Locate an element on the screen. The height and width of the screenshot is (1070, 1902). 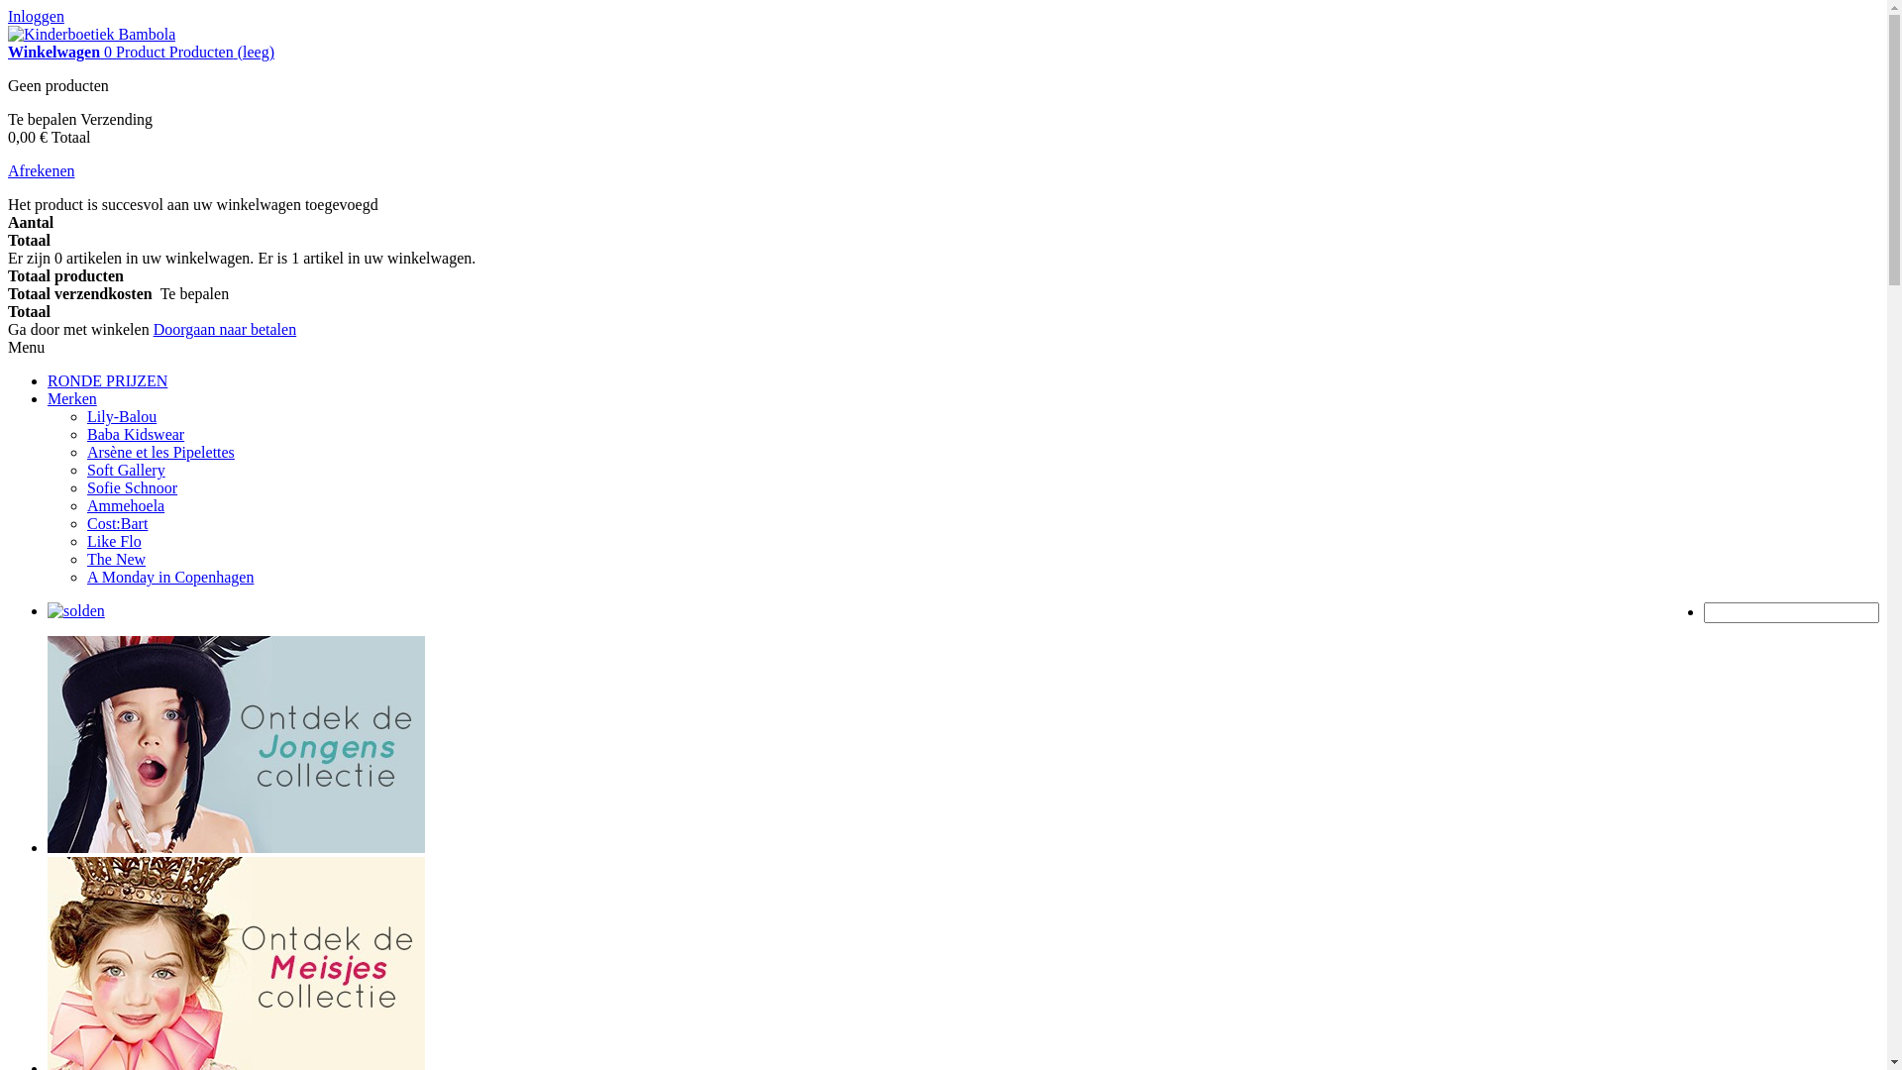
'Sofie Schnoor' is located at coordinates (131, 487).